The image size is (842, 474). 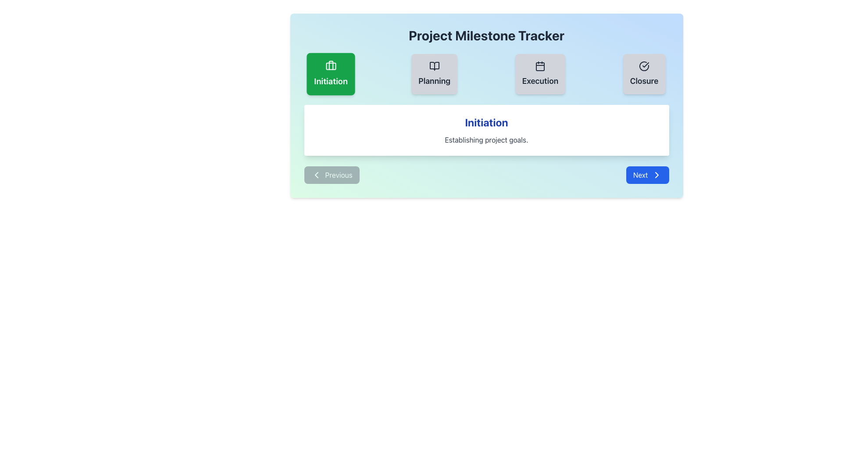 I want to click on the gray square with rounded corners that forms the base of the calendar icon, which is part of the 'Execution' milestone item, so click(x=539, y=66).